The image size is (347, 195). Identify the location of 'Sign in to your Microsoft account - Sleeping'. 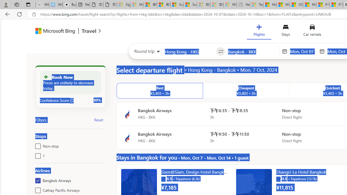
(123, 5).